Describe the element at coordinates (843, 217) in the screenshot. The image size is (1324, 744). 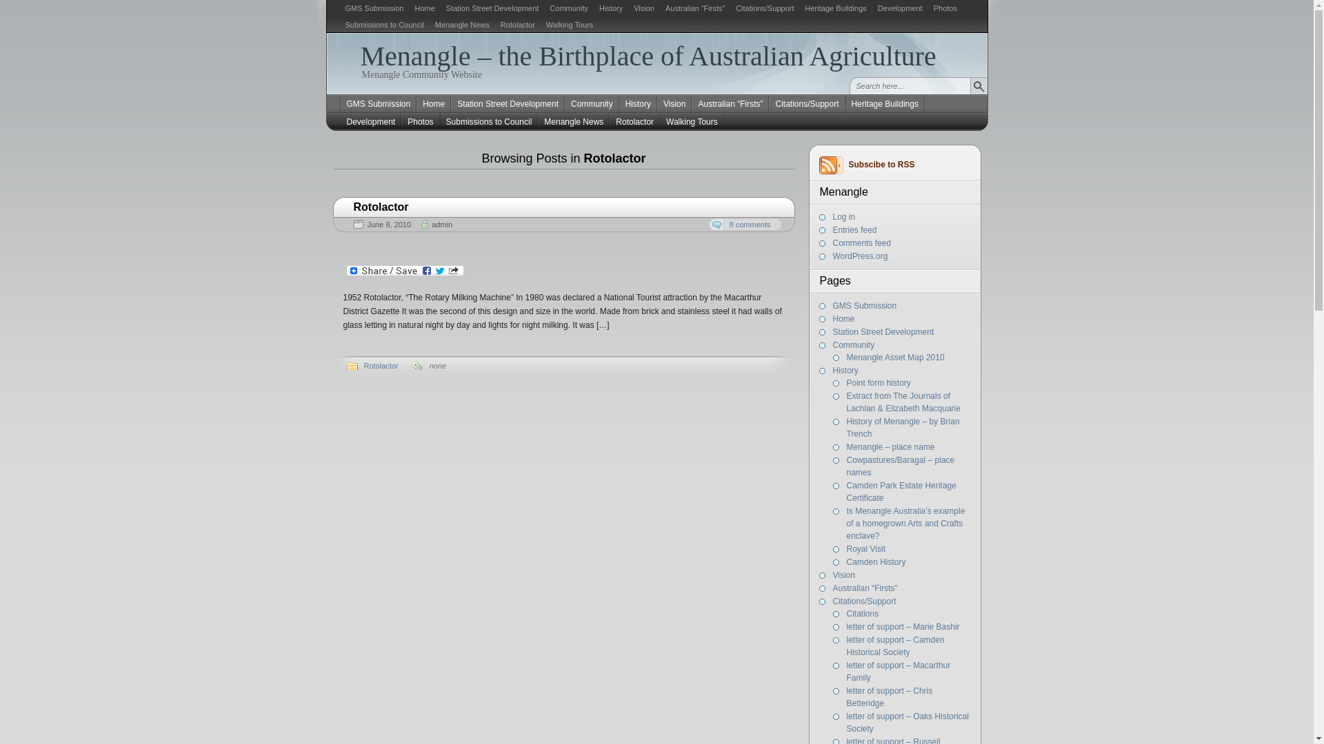
I see `'Log in'` at that location.